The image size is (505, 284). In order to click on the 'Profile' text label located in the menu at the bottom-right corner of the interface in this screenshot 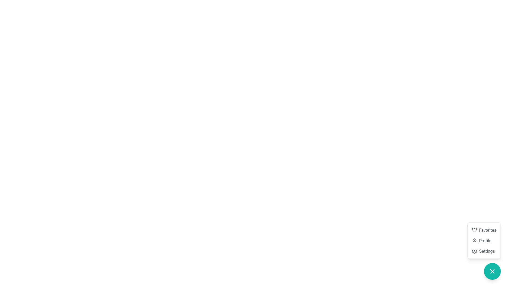, I will do `click(485, 240)`.